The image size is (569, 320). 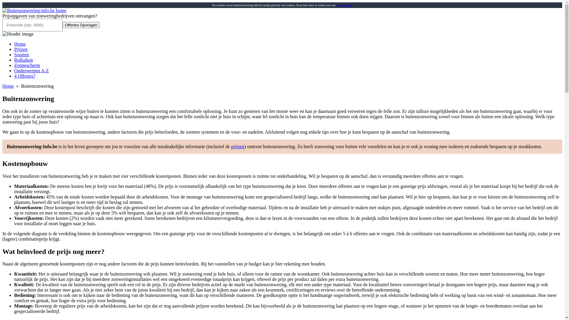 What do you see at coordinates (23, 60) in the screenshot?
I see `'Rolluiken'` at bounding box center [23, 60].